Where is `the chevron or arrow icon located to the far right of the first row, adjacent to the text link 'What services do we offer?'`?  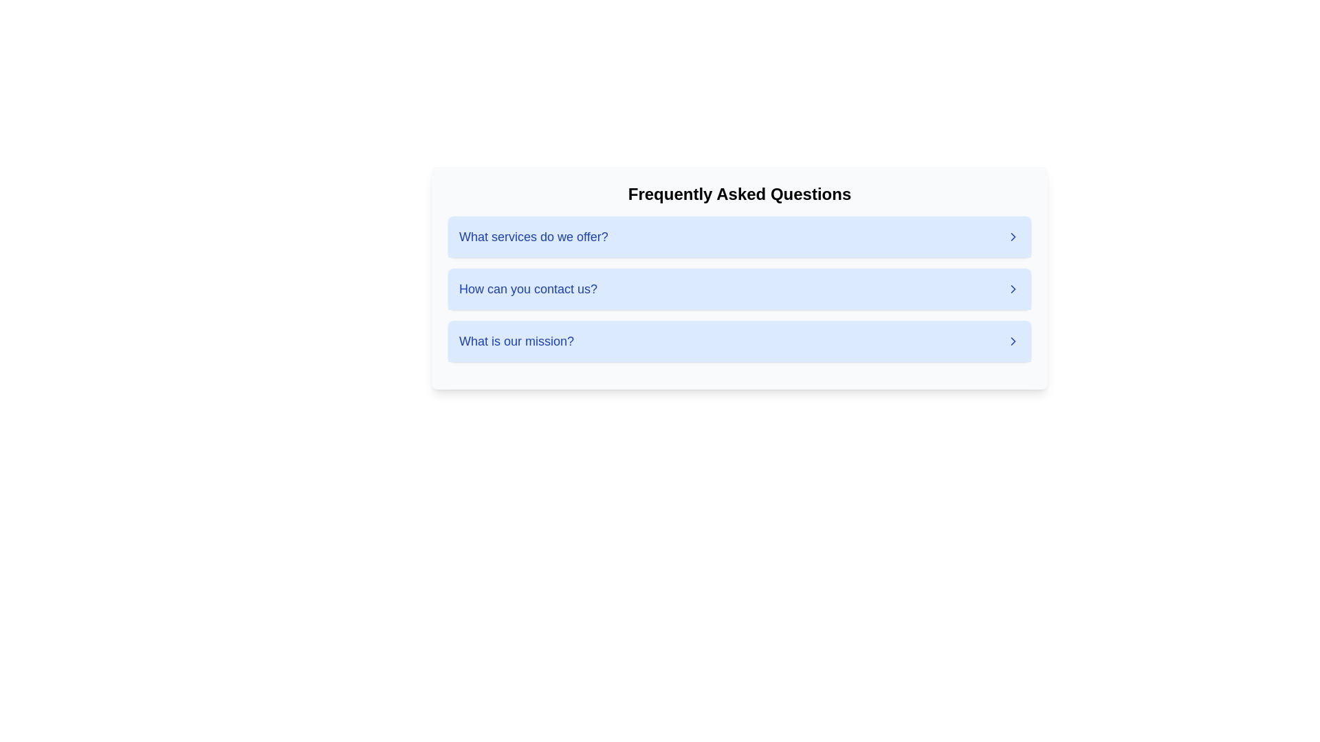
the chevron or arrow icon located to the far right of the first row, adjacent to the text link 'What services do we offer?' is located at coordinates (1013, 236).